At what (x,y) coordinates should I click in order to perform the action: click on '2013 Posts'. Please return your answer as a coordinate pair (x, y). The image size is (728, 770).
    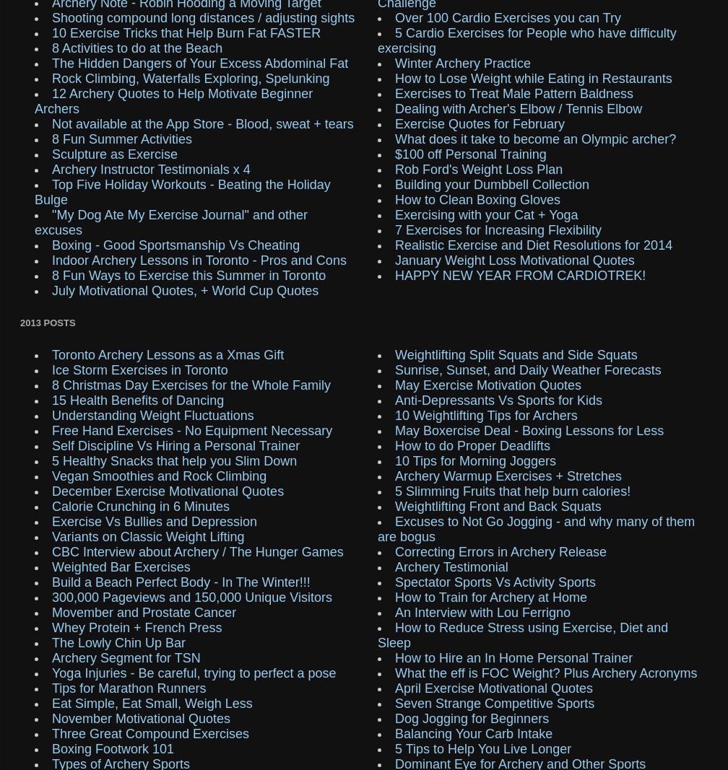
    Looking at the image, I should click on (48, 322).